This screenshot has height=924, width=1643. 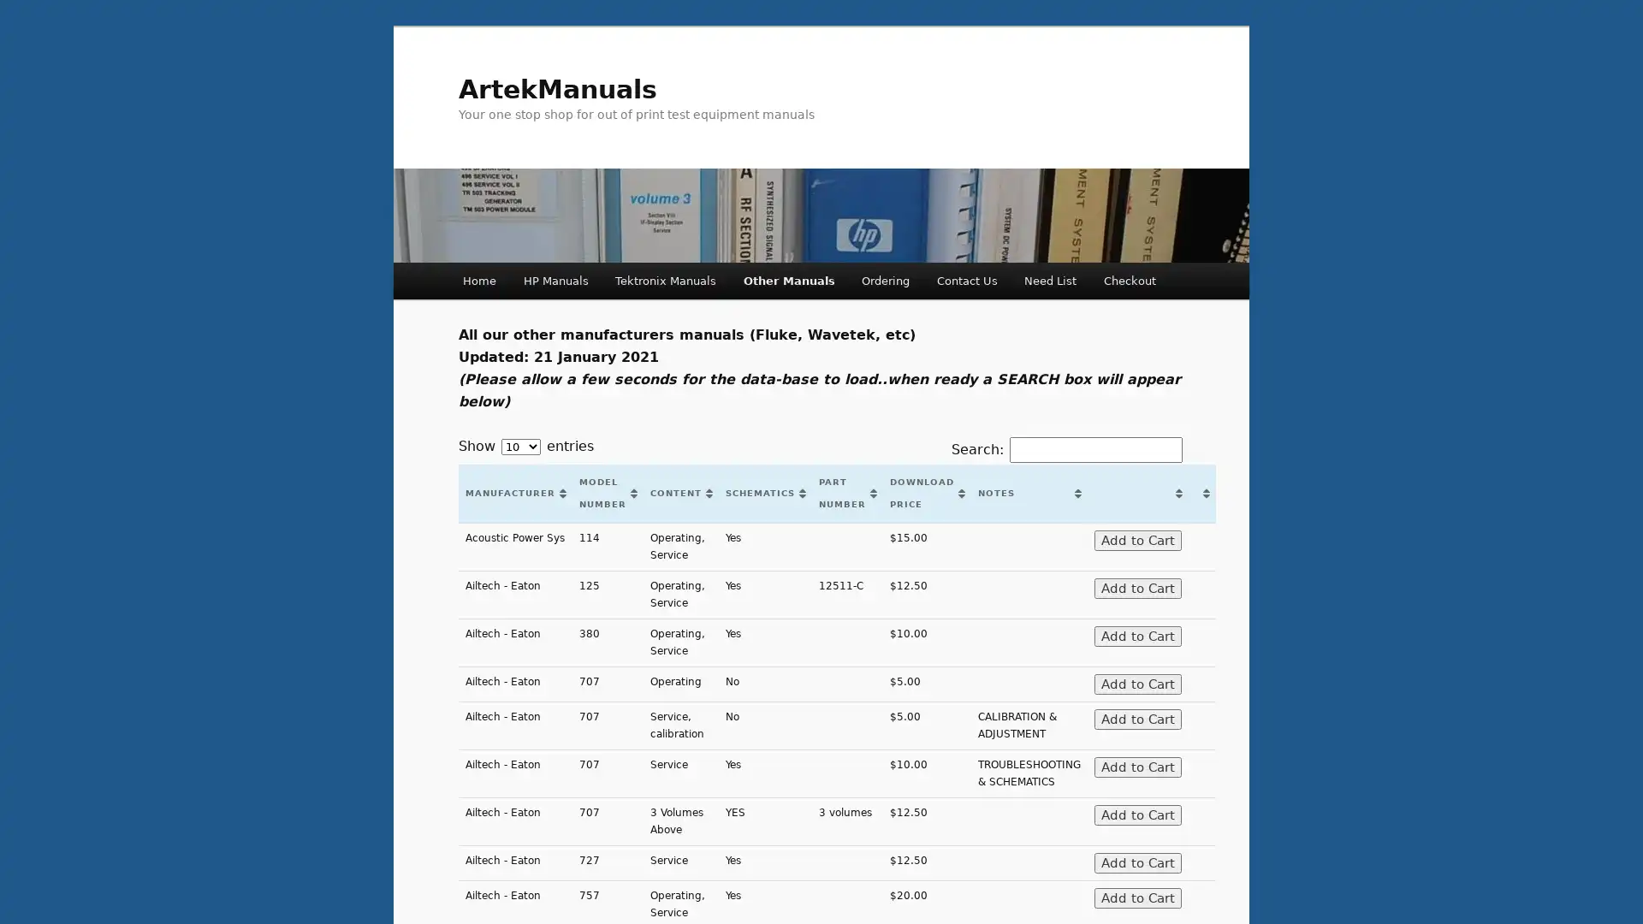 I want to click on Add to Cart, so click(x=1137, y=683).